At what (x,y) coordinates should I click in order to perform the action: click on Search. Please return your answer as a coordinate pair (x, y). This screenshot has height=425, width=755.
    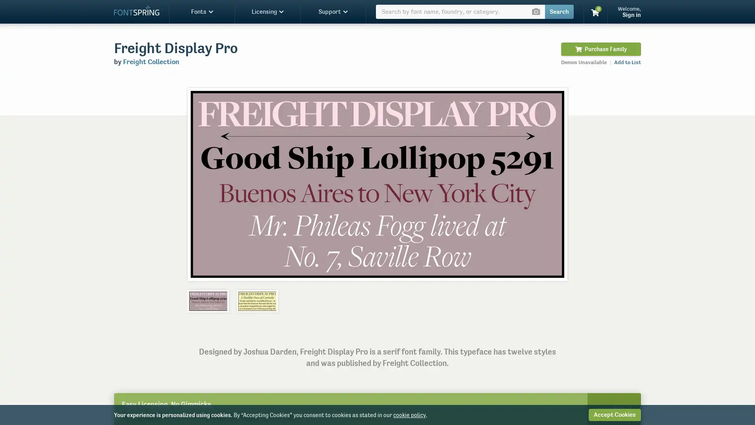
    Looking at the image, I should click on (559, 12).